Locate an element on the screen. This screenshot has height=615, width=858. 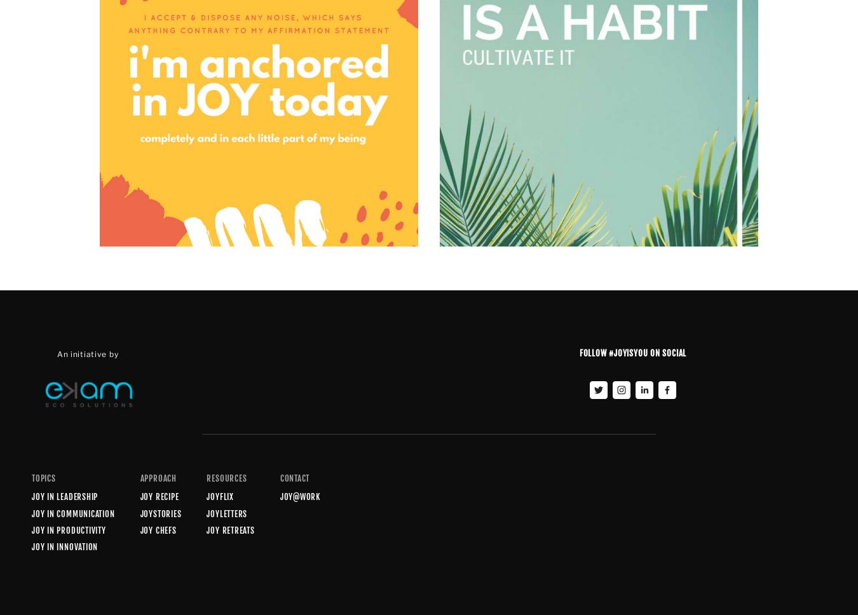
'Topics' is located at coordinates (43, 478).